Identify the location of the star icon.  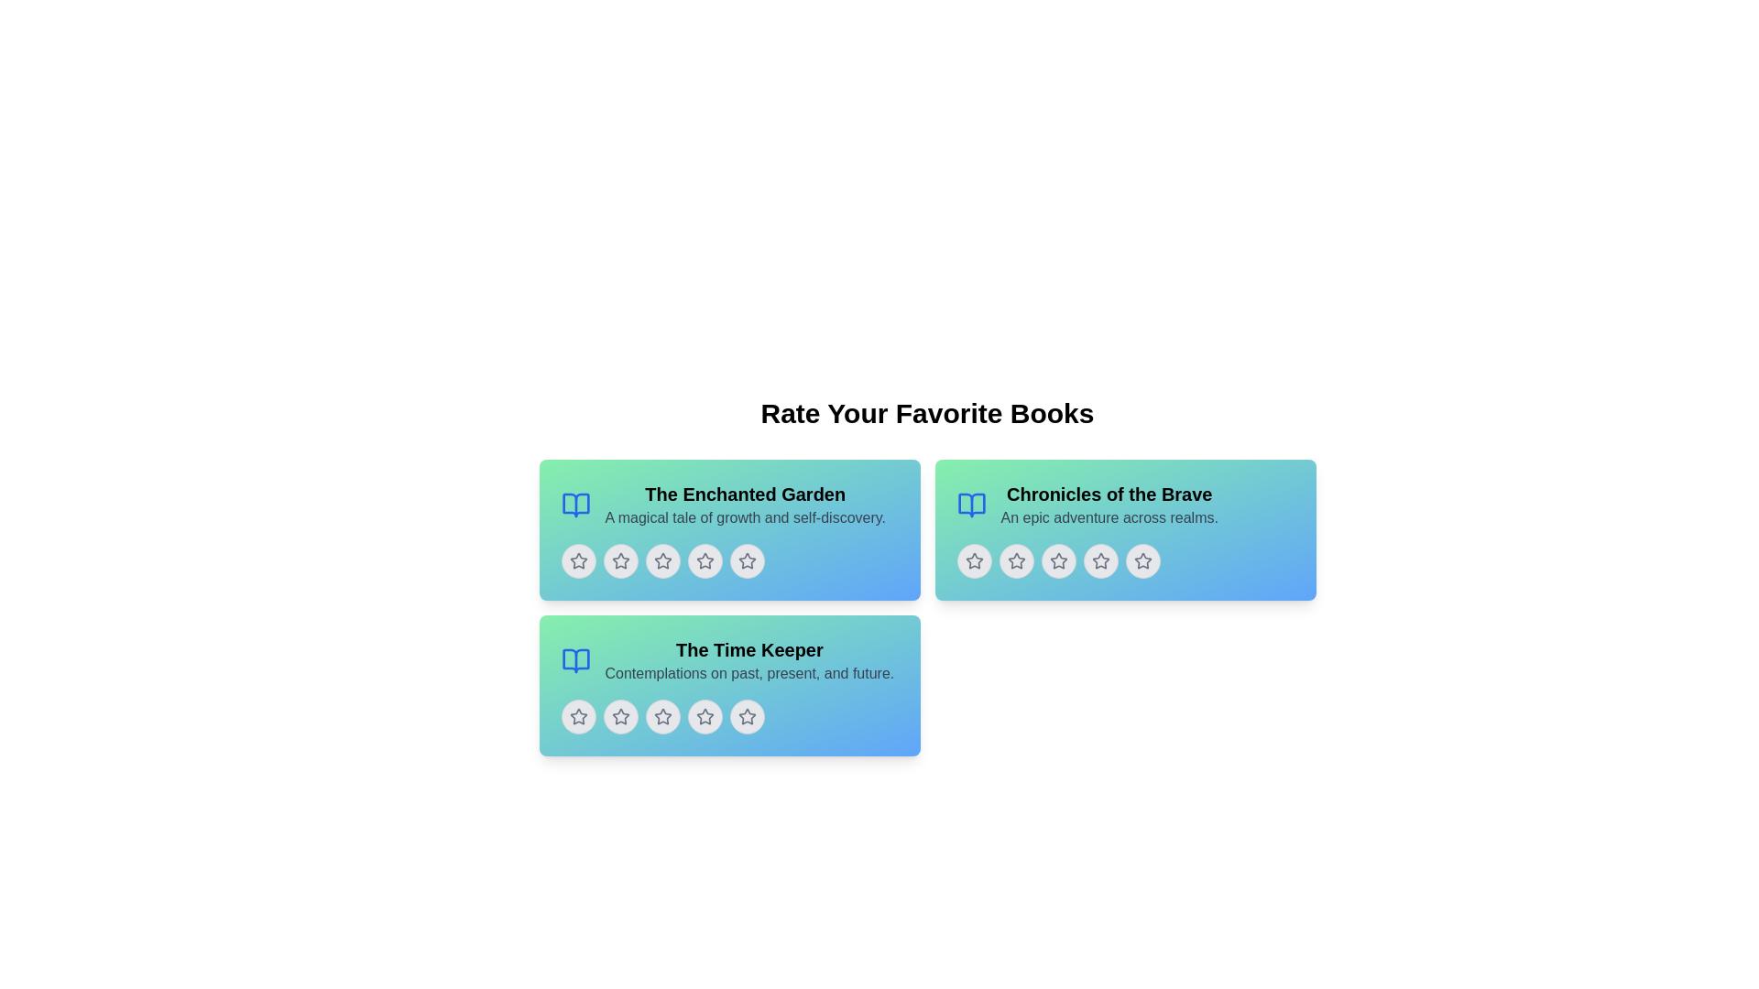
(1124, 560).